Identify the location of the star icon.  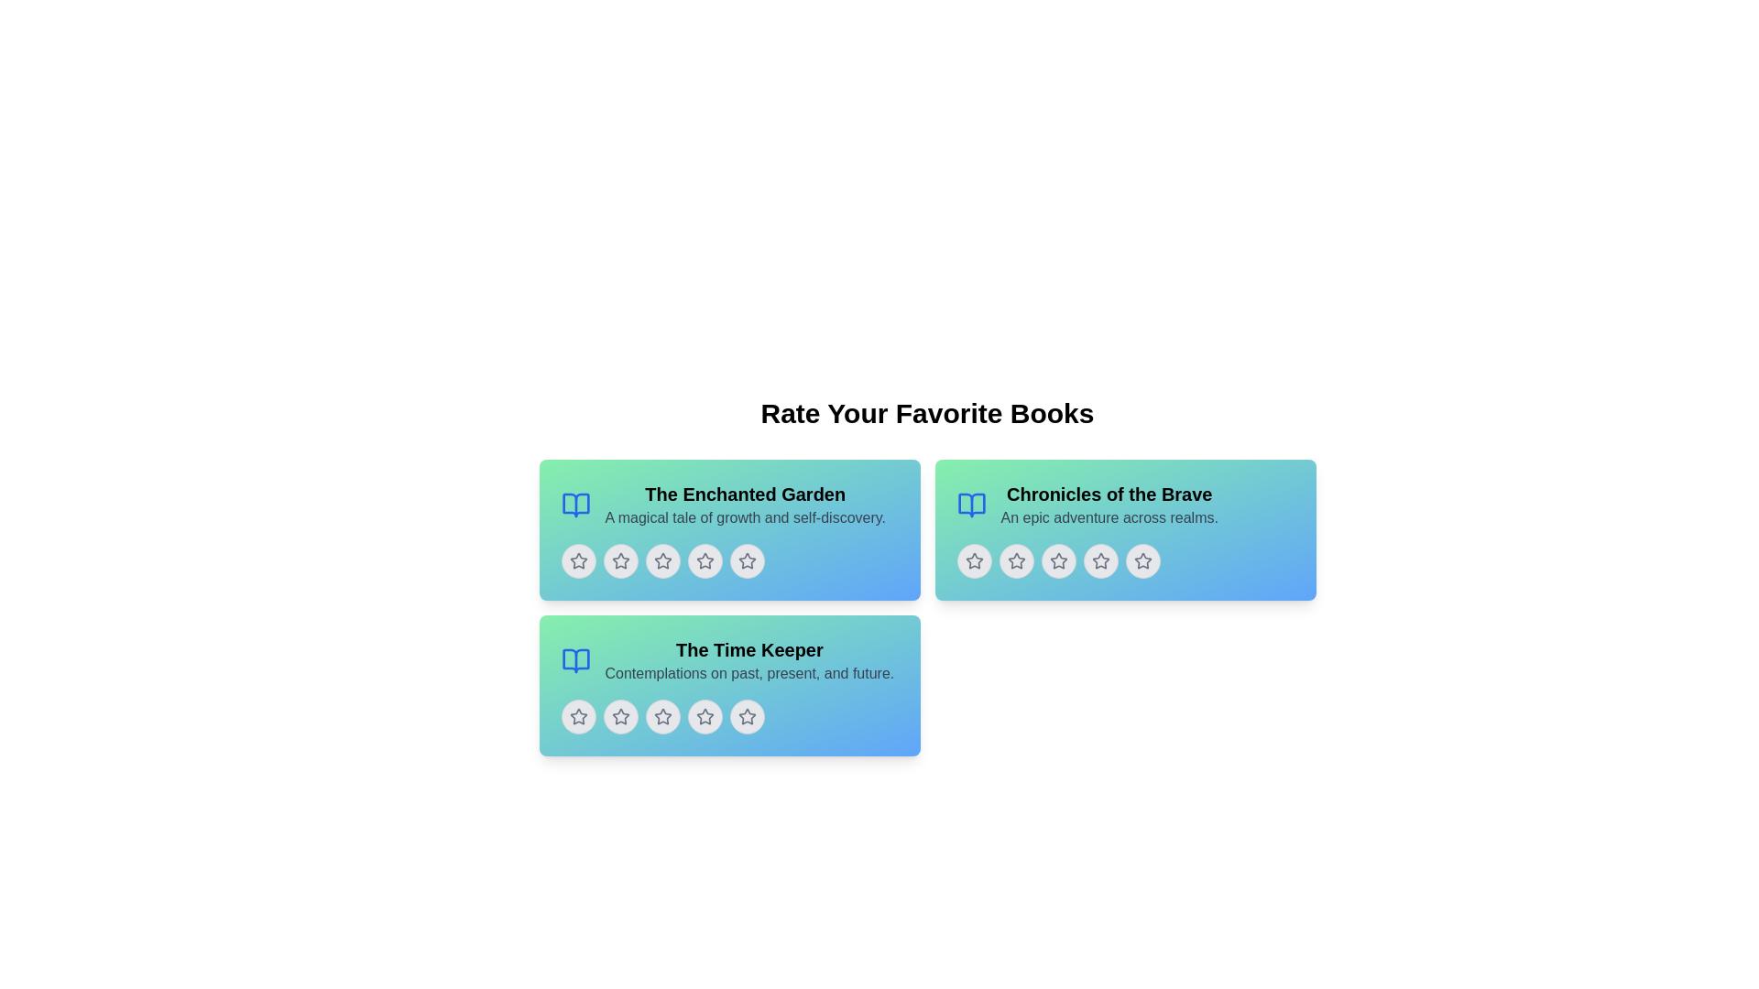
(1124, 560).